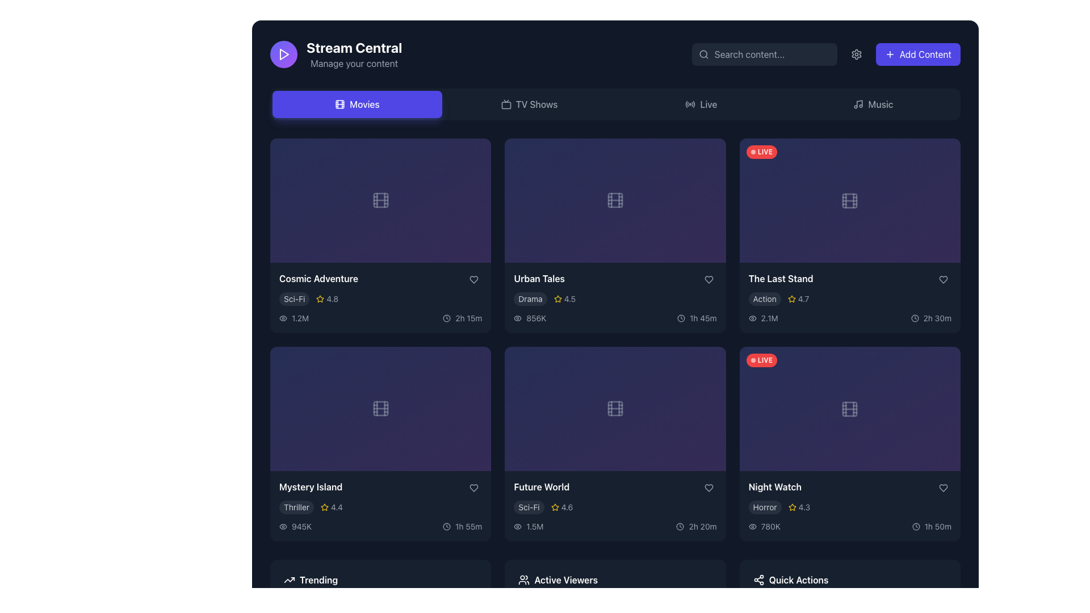  I want to click on the heart icon button within 'The Last Stand' movie card, so click(943, 280).